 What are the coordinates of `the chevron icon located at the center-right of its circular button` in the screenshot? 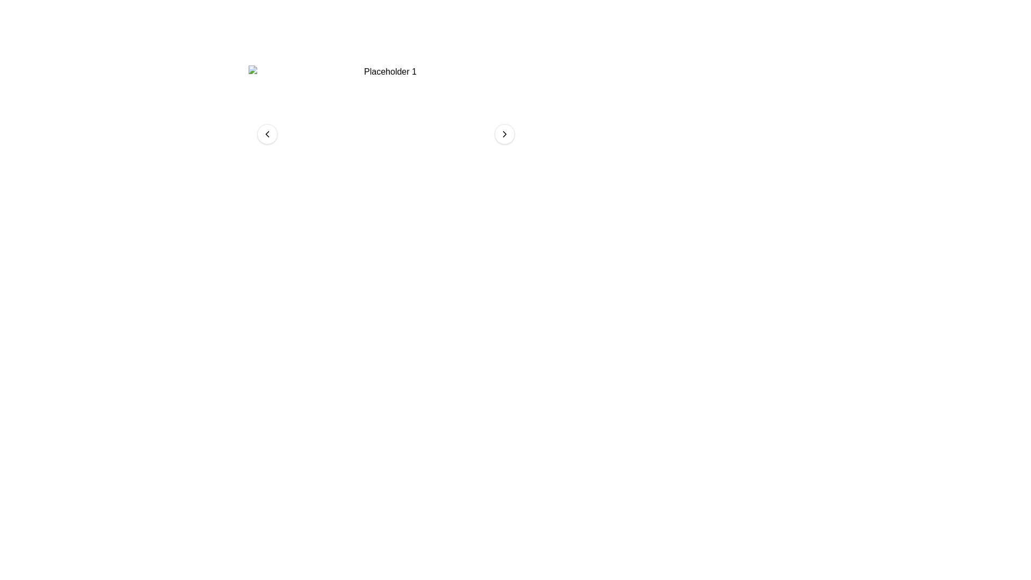 It's located at (504, 134).